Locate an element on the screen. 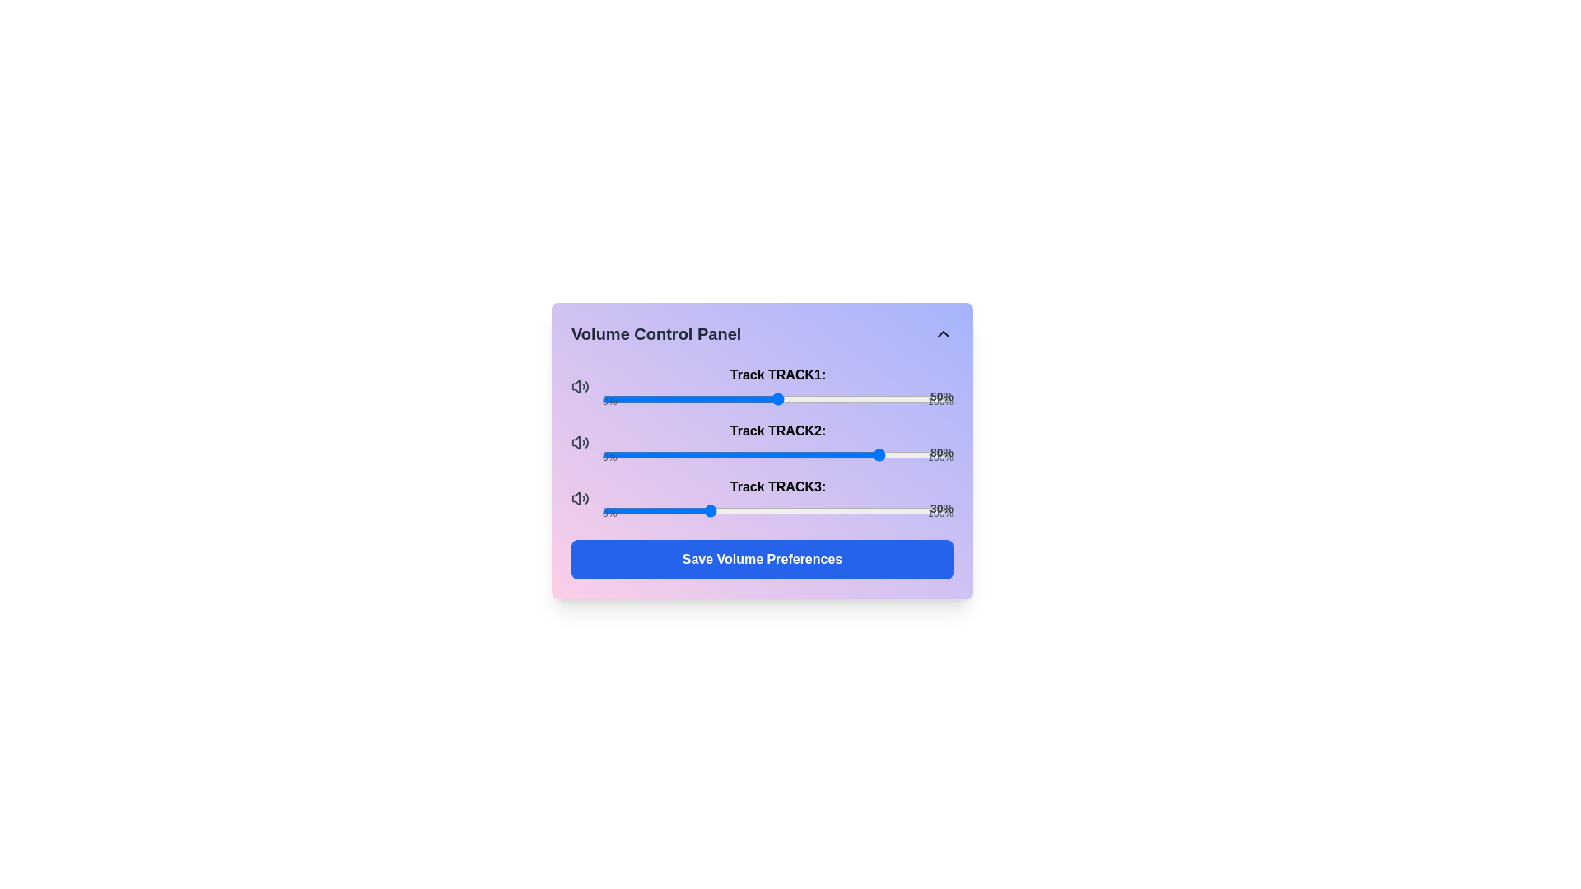 Image resolution: width=1581 pixels, height=889 pixels. the volume of 'Track TRACK1' is located at coordinates (609, 399).